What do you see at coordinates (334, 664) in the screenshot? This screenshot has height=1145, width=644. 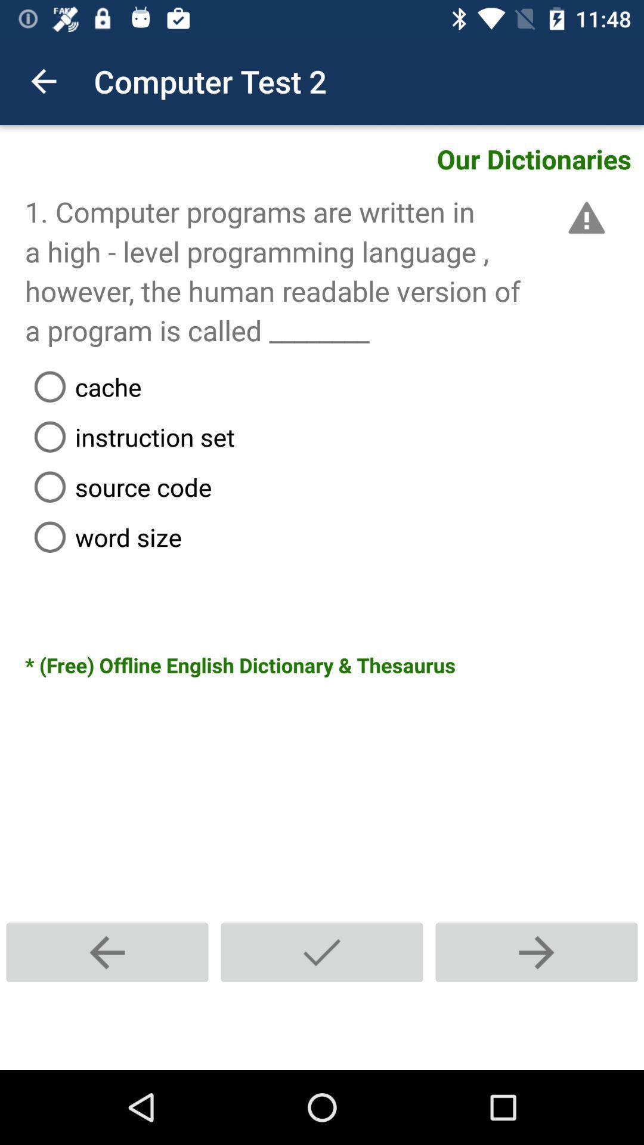 I see `free offline english icon` at bounding box center [334, 664].